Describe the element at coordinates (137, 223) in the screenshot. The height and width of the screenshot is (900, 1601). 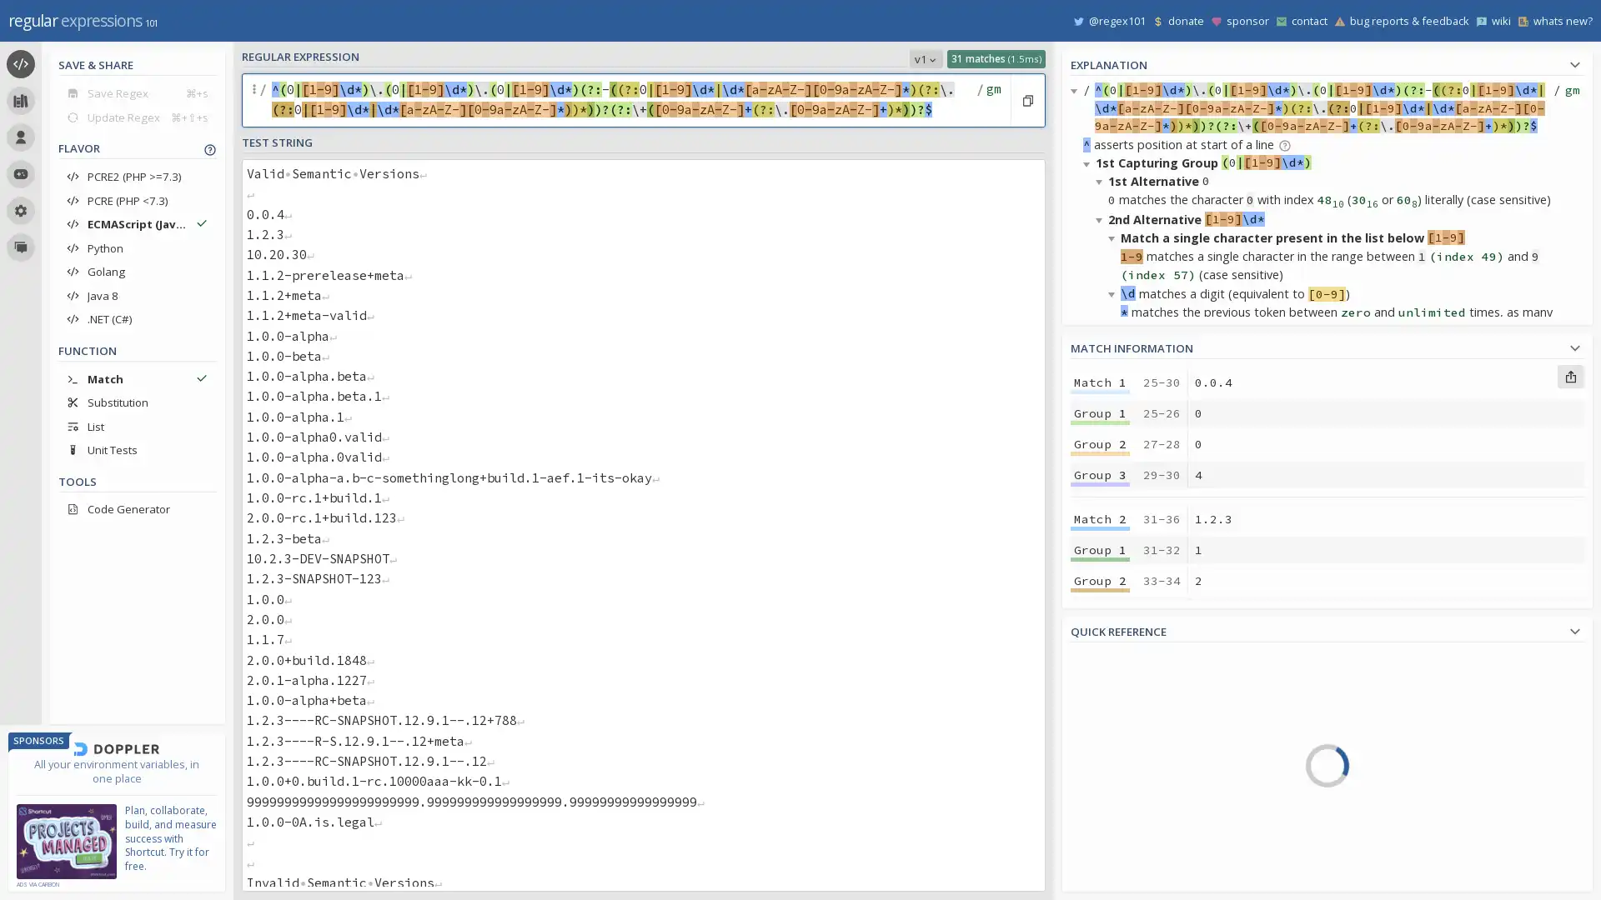
I see `ECMAScript (JavaScript)` at that location.